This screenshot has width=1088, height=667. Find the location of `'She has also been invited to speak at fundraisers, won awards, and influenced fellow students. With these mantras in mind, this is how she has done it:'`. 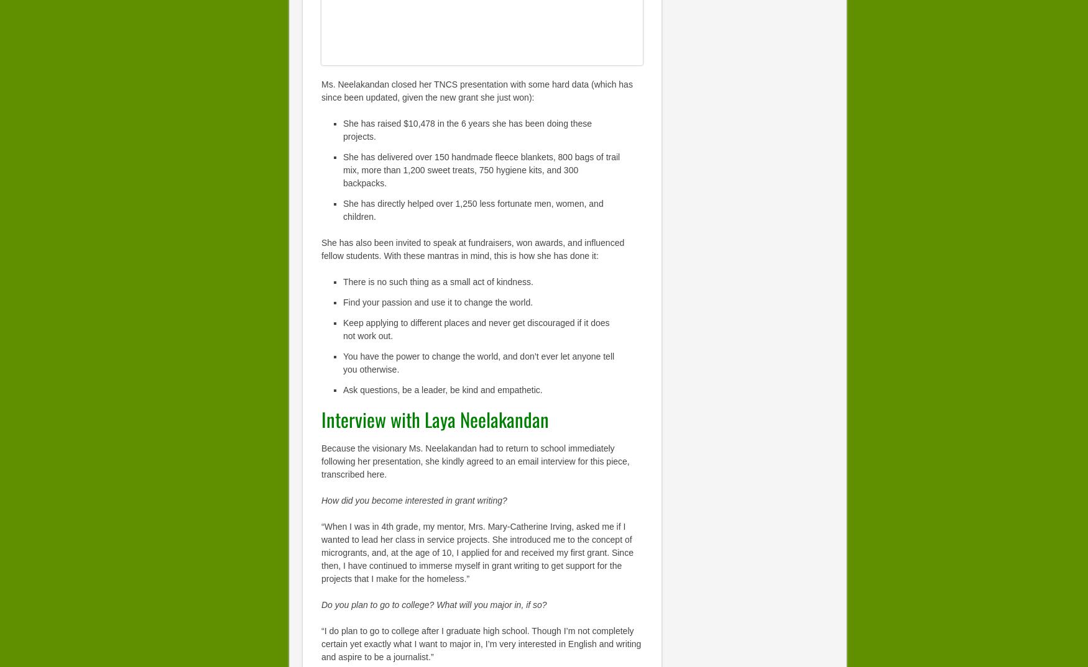

'She has also been invited to speak at fundraisers, won awards, and influenced fellow students. With these mantras in mind, this is how she has done it:' is located at coordinates (472, 248).